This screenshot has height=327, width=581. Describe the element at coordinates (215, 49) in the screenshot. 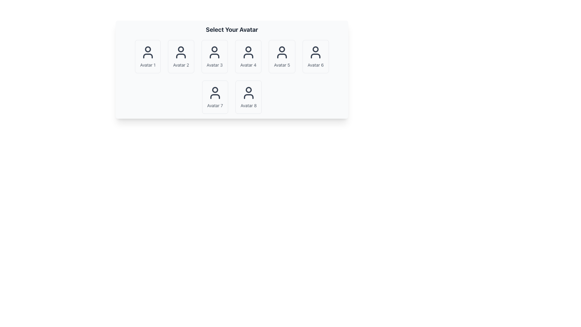

I see `the circular figure representing the head portion of 'Avatar 3' in the user icon grid layout` at that location.